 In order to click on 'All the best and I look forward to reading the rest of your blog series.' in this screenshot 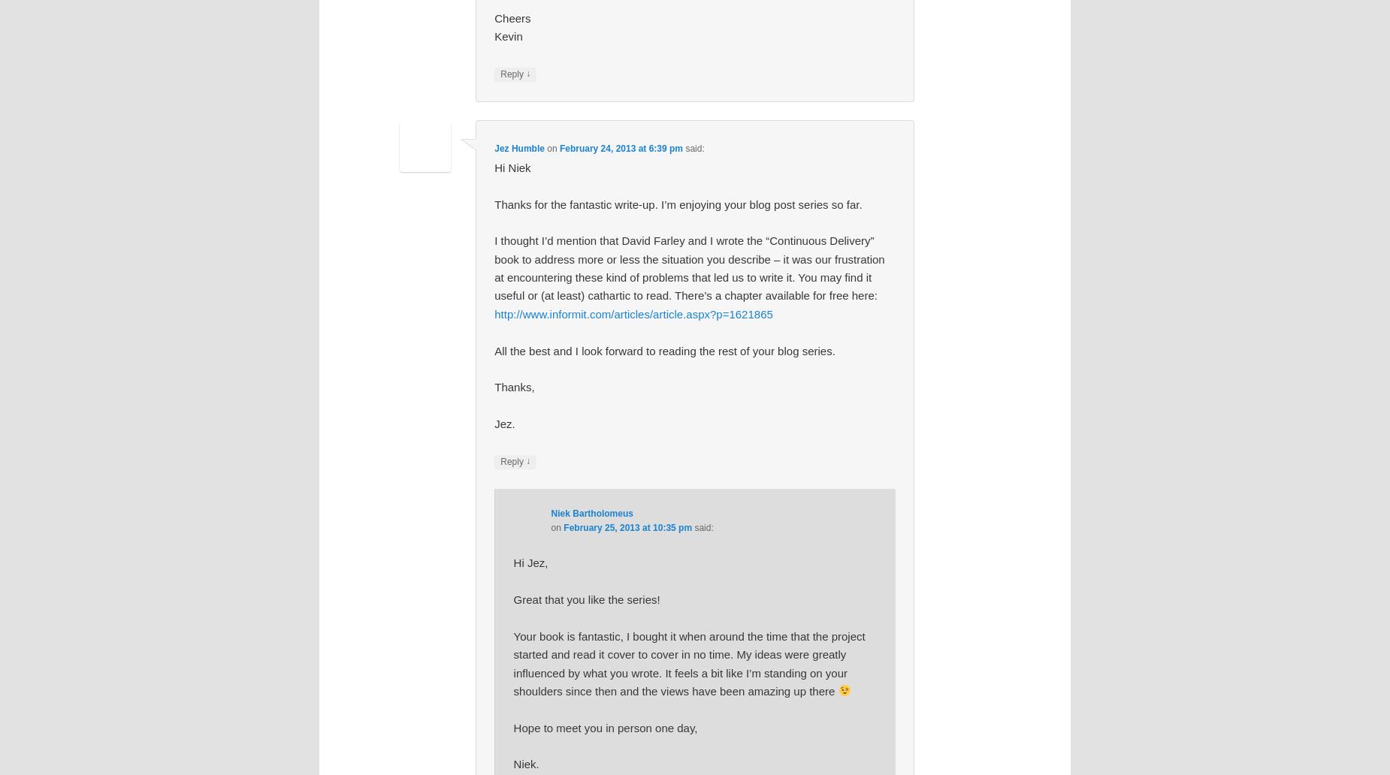, I will do `click(664, 349)`.